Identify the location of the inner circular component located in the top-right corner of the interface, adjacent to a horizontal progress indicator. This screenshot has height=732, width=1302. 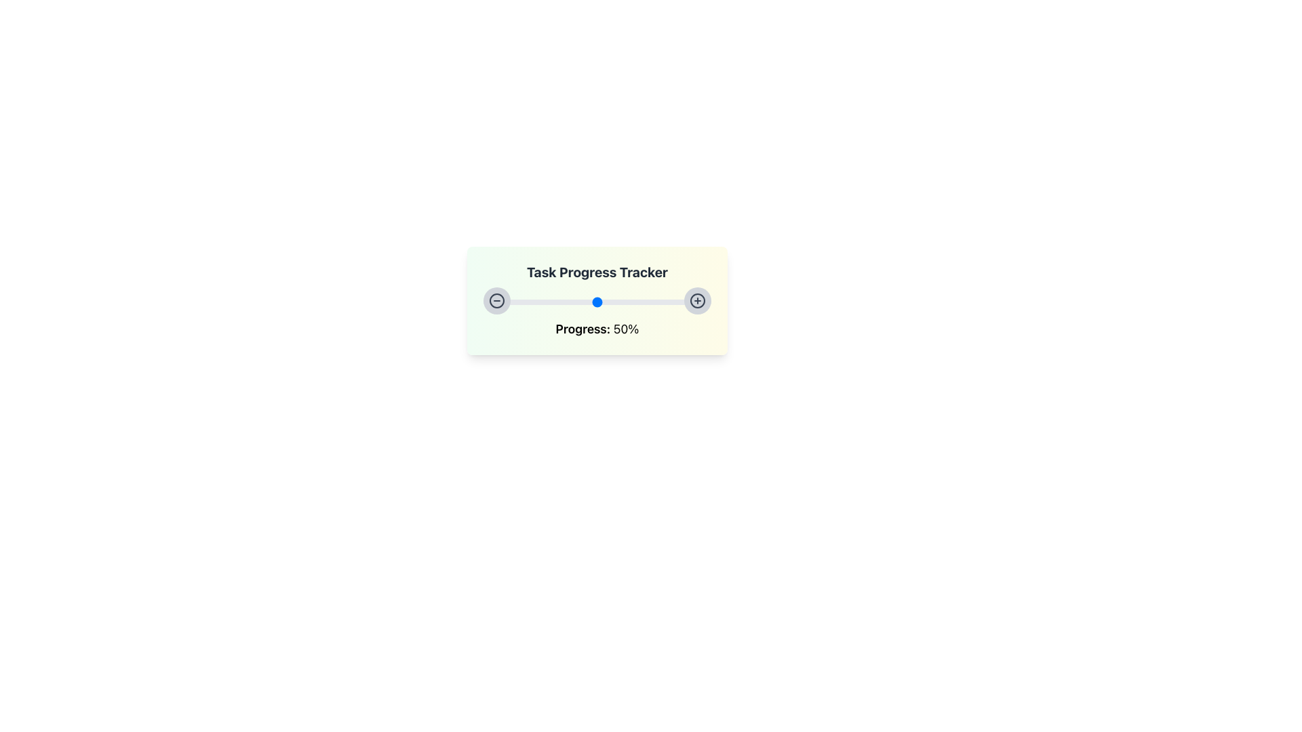
(496, 300).